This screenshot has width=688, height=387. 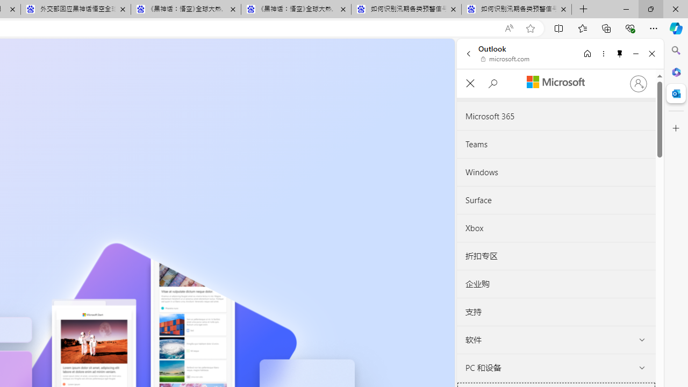 What do you see at coordinates (556, 227) in the screenshot?
I see `'Xbox'` at bounding box center [556, 227].